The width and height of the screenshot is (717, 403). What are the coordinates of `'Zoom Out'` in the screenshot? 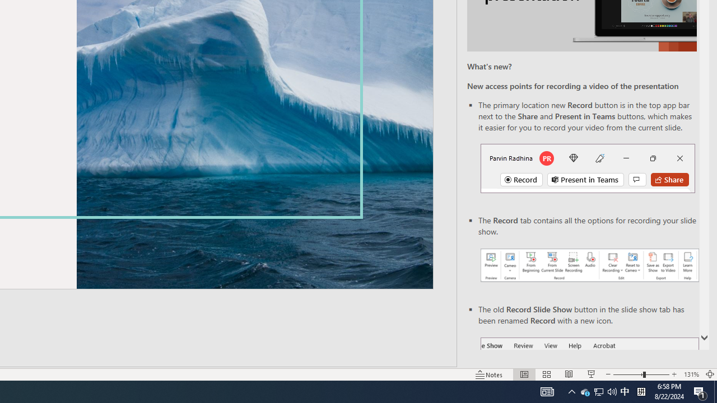 It's located at (628, 374).